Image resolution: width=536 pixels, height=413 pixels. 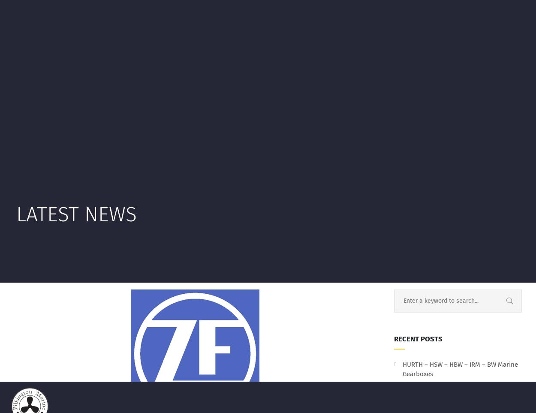 What do you see at coordinates (133, 81) in the screenshot?
I see `'News'` at bounding box center [133, 81].